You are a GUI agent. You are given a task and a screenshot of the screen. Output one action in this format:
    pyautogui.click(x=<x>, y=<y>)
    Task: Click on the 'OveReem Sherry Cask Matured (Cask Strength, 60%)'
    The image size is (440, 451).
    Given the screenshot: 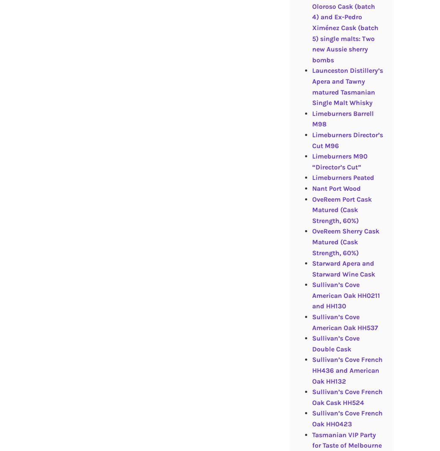 What is the action you would take?
    pyautogui.click(x=311, y=242)
    